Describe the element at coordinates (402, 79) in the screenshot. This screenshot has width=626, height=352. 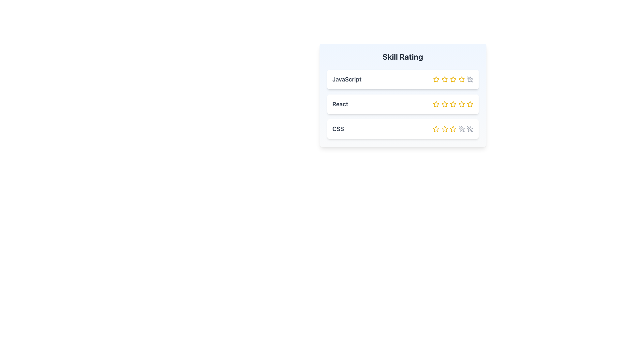
I see `the Skill Rating Card displaying the skill 'JavaScript', which is the top item in a vertical list of skill containers` at that location.